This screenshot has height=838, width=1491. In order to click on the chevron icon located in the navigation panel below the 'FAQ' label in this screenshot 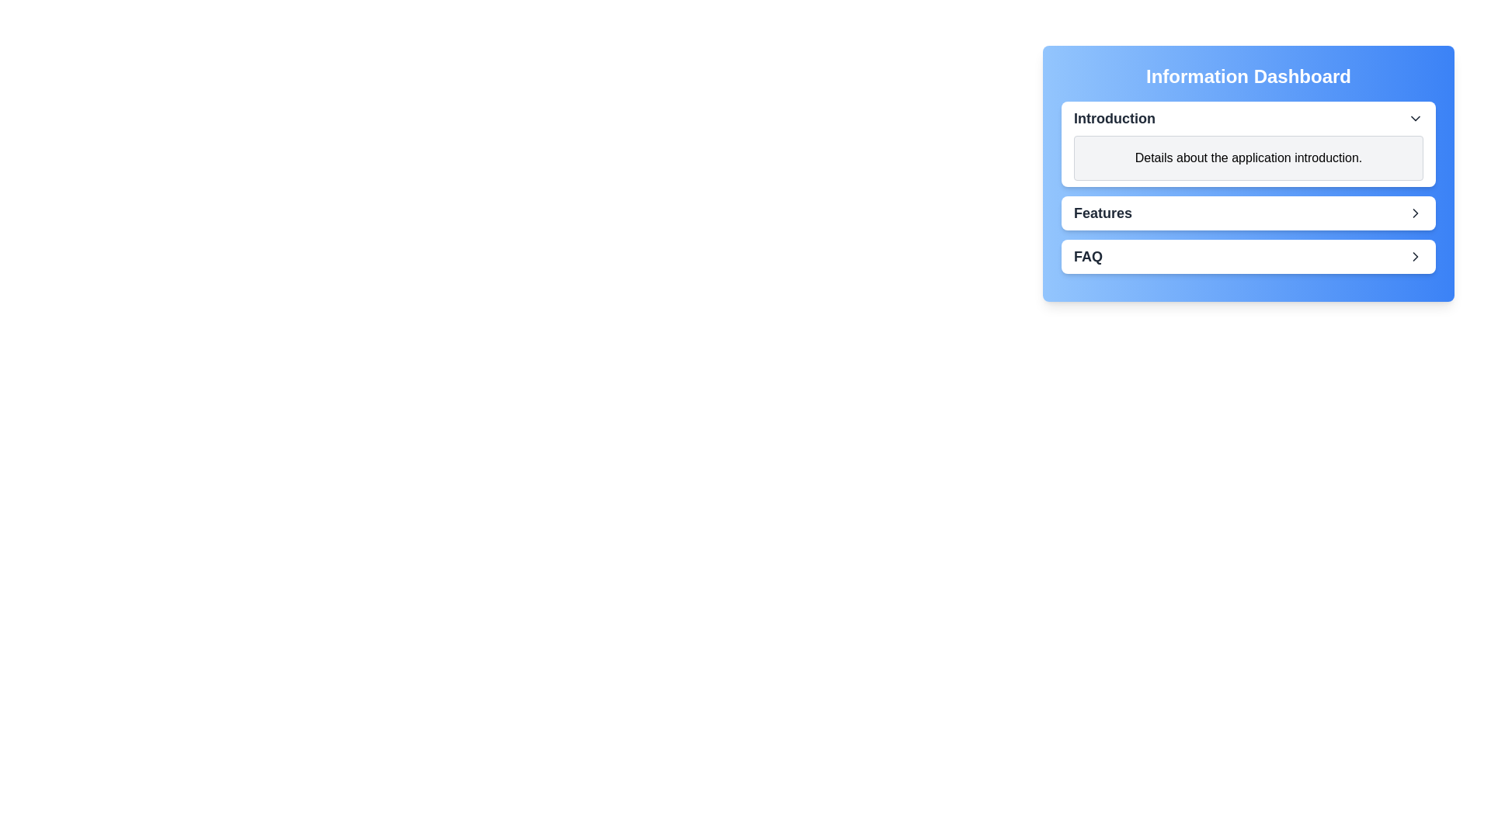, I will do `click(1416, 256)`.